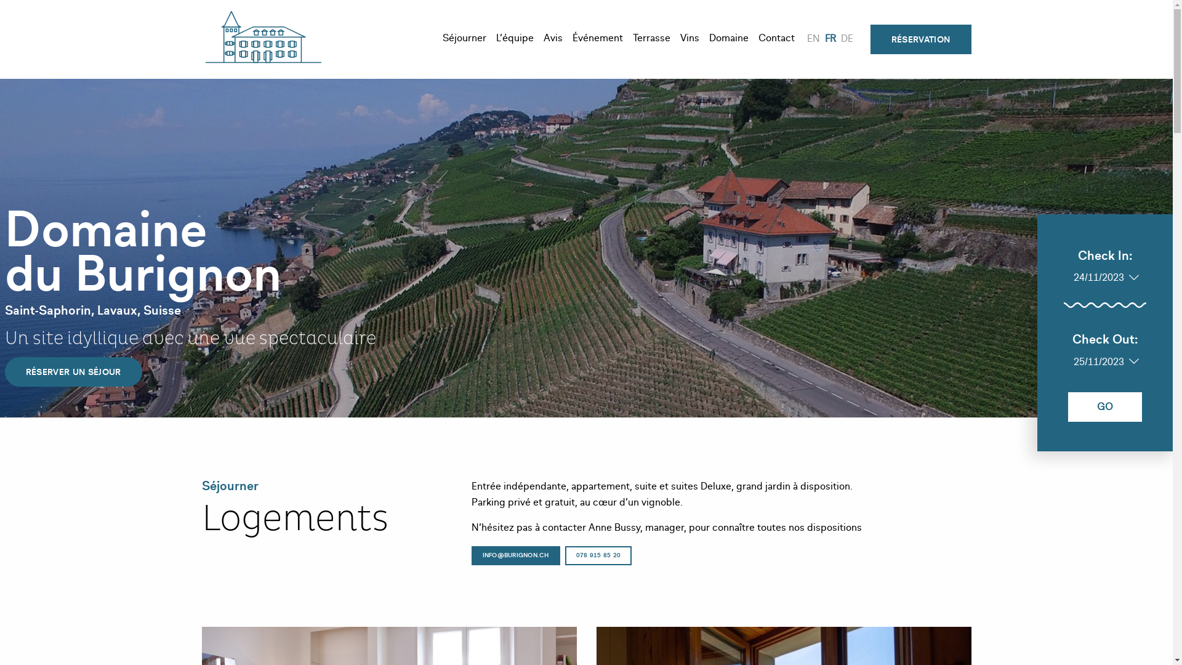 Image resolution: width=1182 pixels, height=665 pixels. What do you see at coordinates (1105, 406) in the screenshot?
I see `'GO'` at bounding box center [1105, 406].